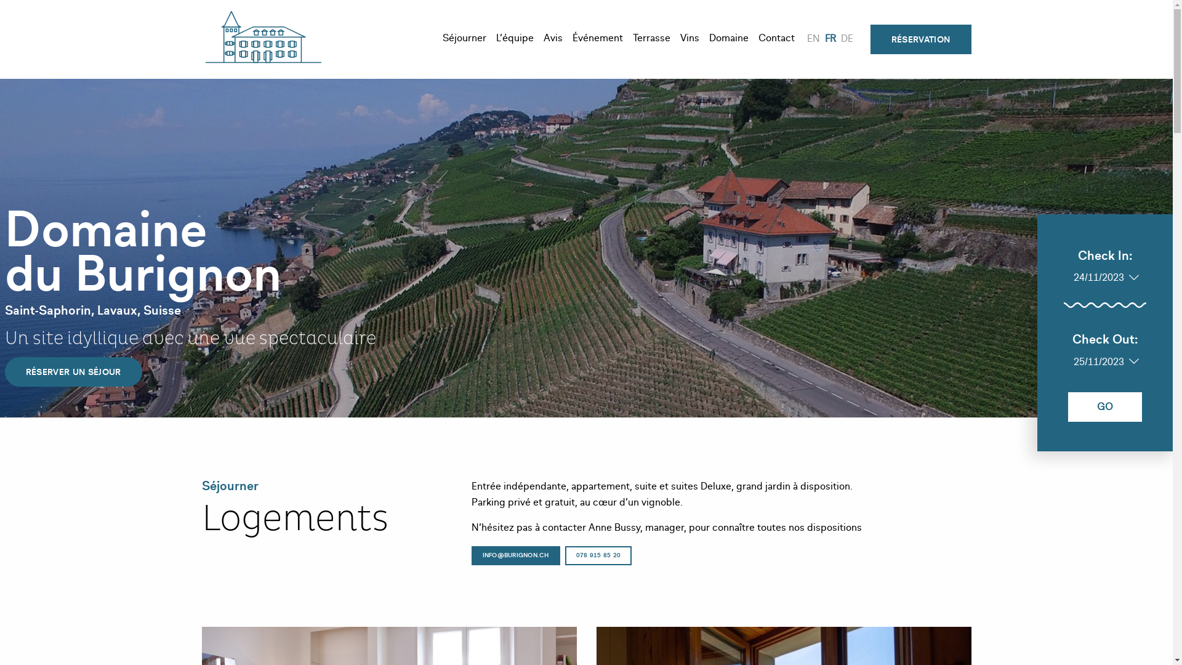 Image resolution: width=1182 pixels, height=665 pixels. What do you see at coordinates (1105, 406) in the screenshot?
I see `'GO'` at bounding box center [1105, 406].